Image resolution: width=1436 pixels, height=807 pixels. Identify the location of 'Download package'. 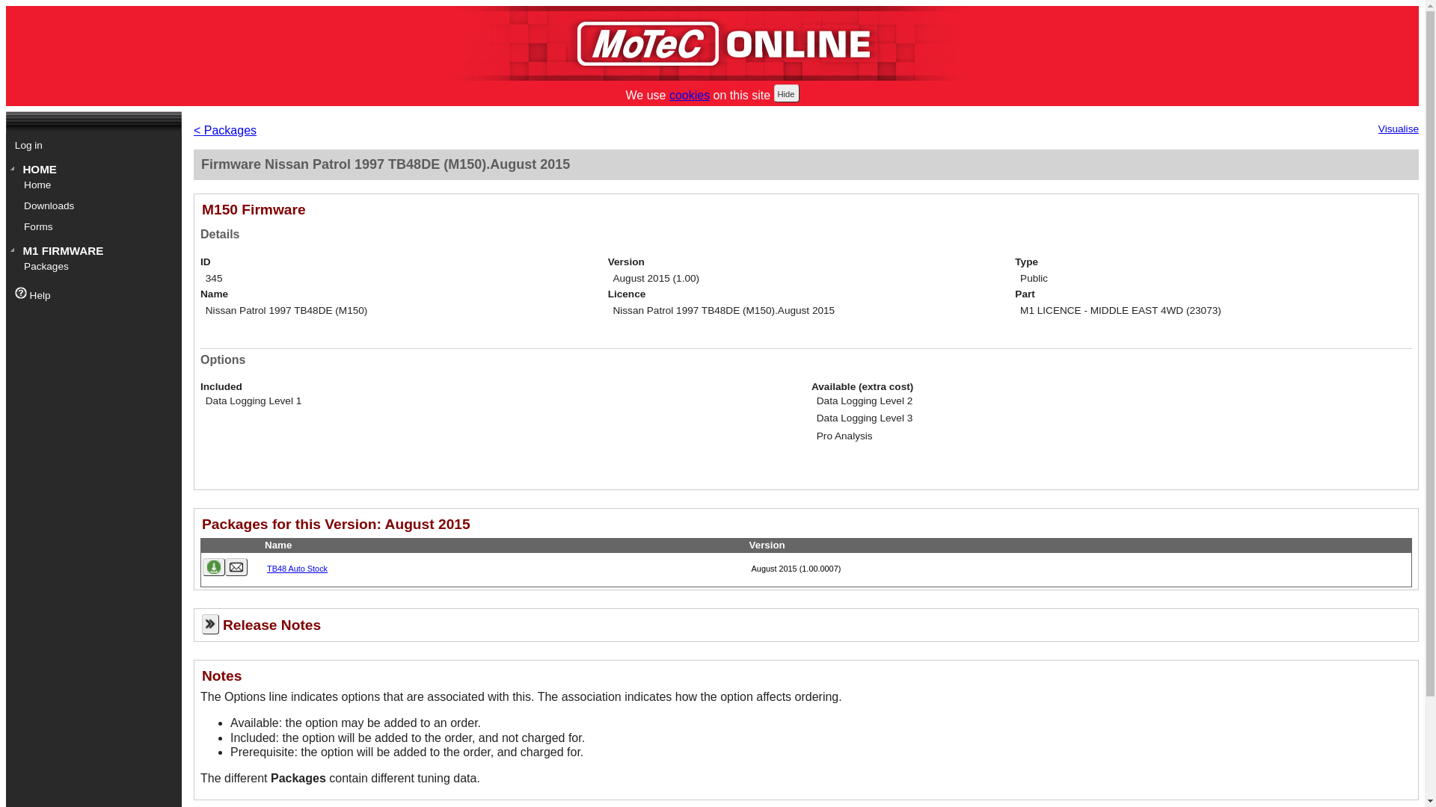
(213, 567).